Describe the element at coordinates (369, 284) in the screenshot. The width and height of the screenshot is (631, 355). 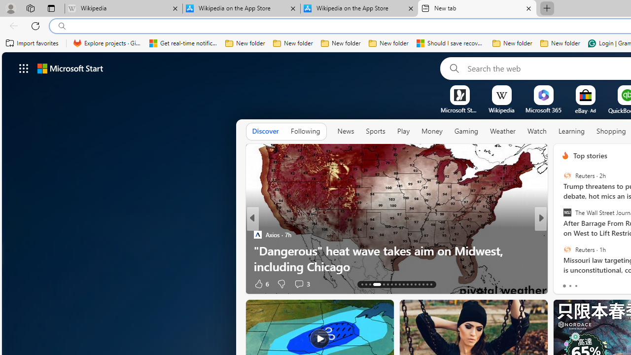
I see `'AutomationID: tab-15'` at that location.